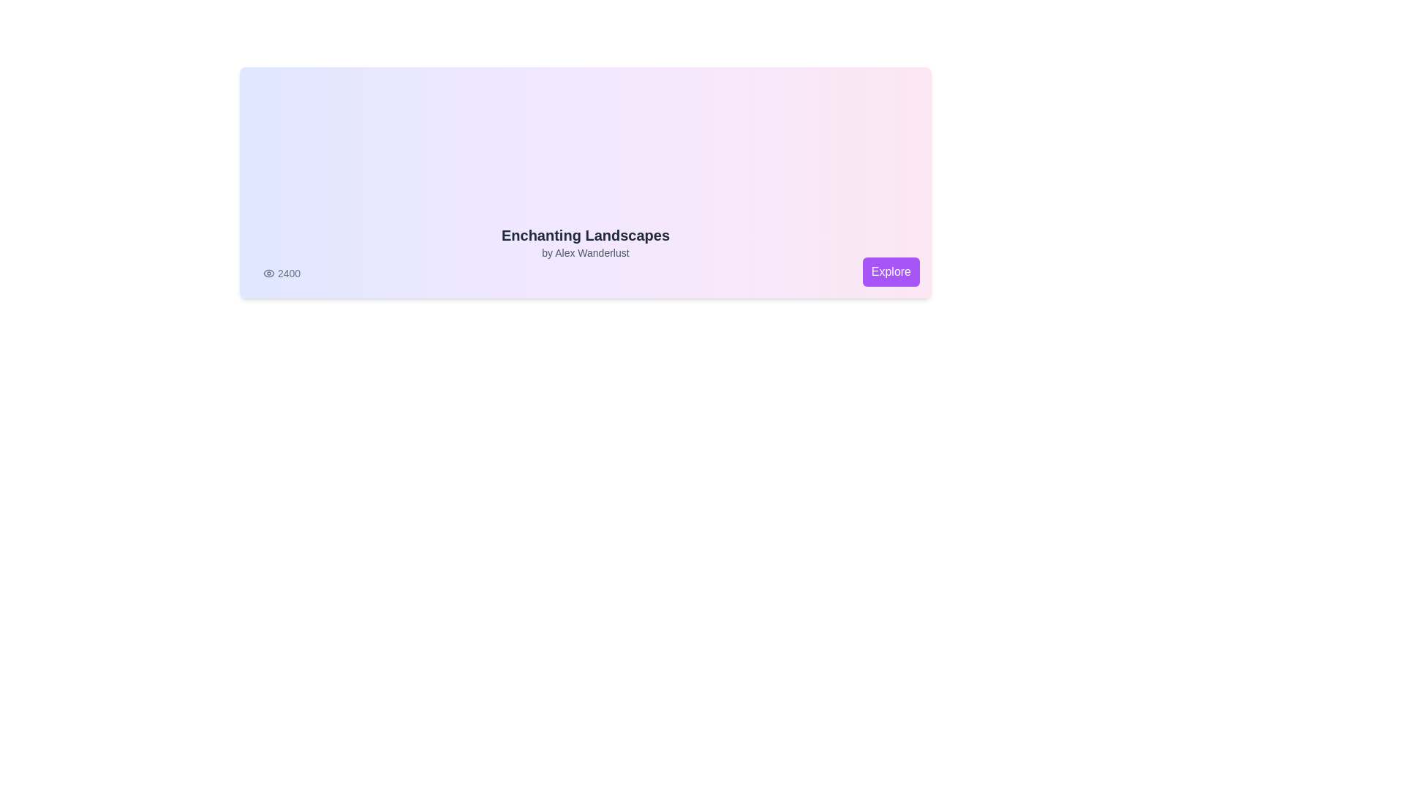  Describe the element at coordinates (887, 274) in the screenshot. I see `the comment icon located to the left of the text '16' in the bottom-right corner` at that location.